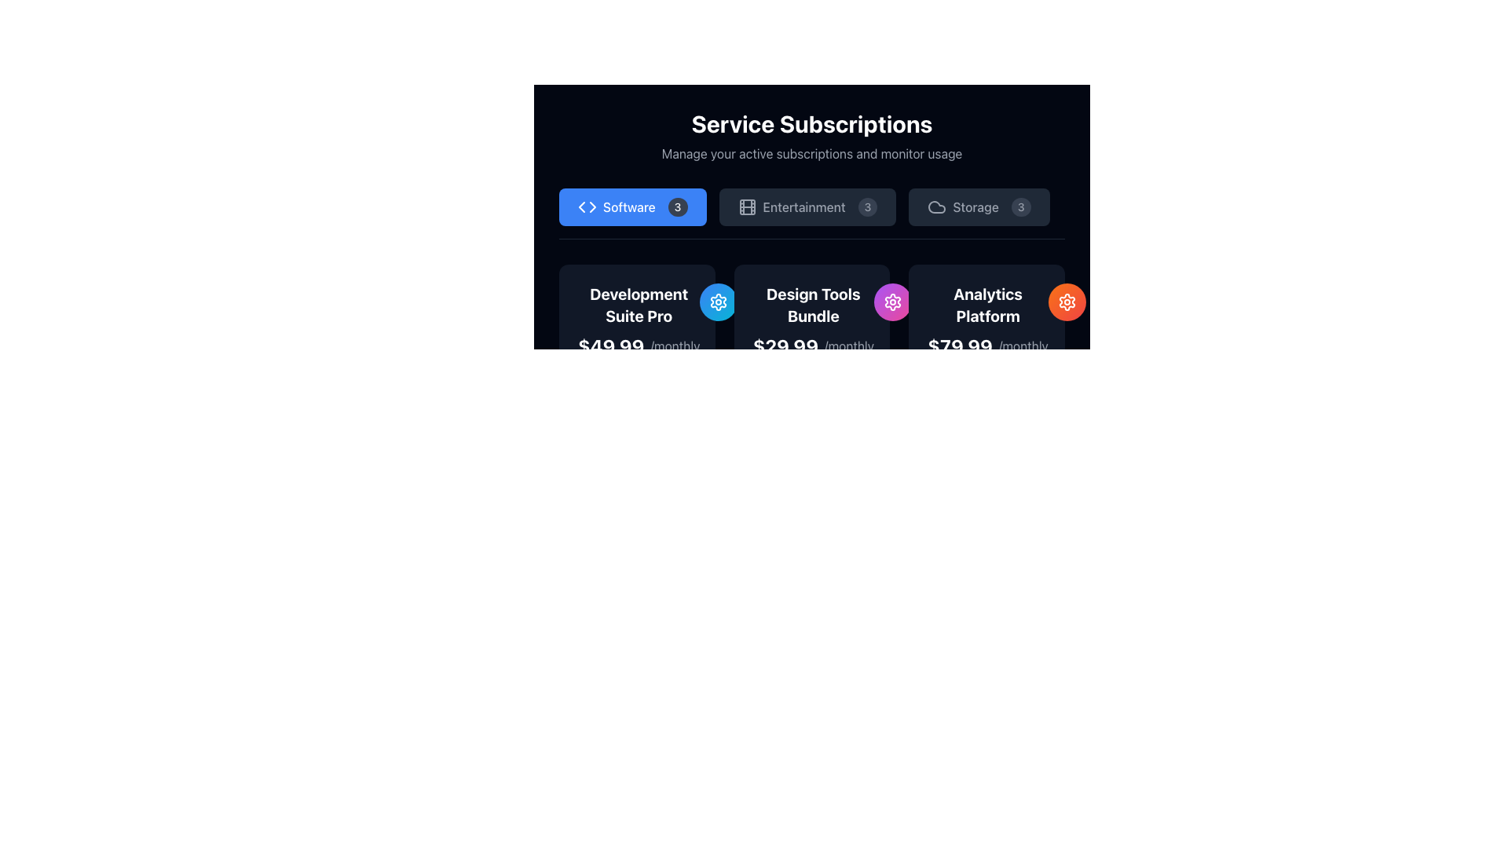 This screenshot has height=848, width=1508. I want to click on progress bar, so click(652, 404).